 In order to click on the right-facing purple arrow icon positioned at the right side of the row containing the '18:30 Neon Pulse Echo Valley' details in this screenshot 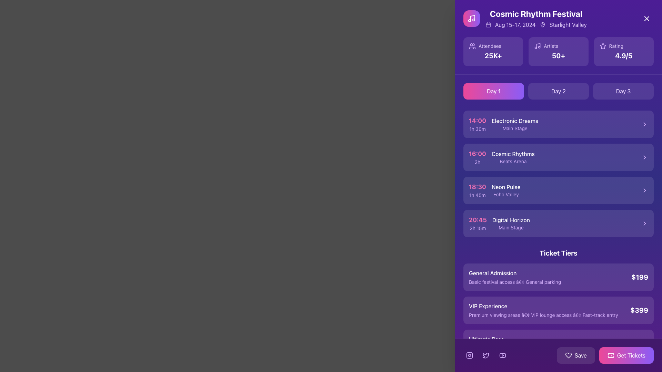, I will do `click(644, 190)`.